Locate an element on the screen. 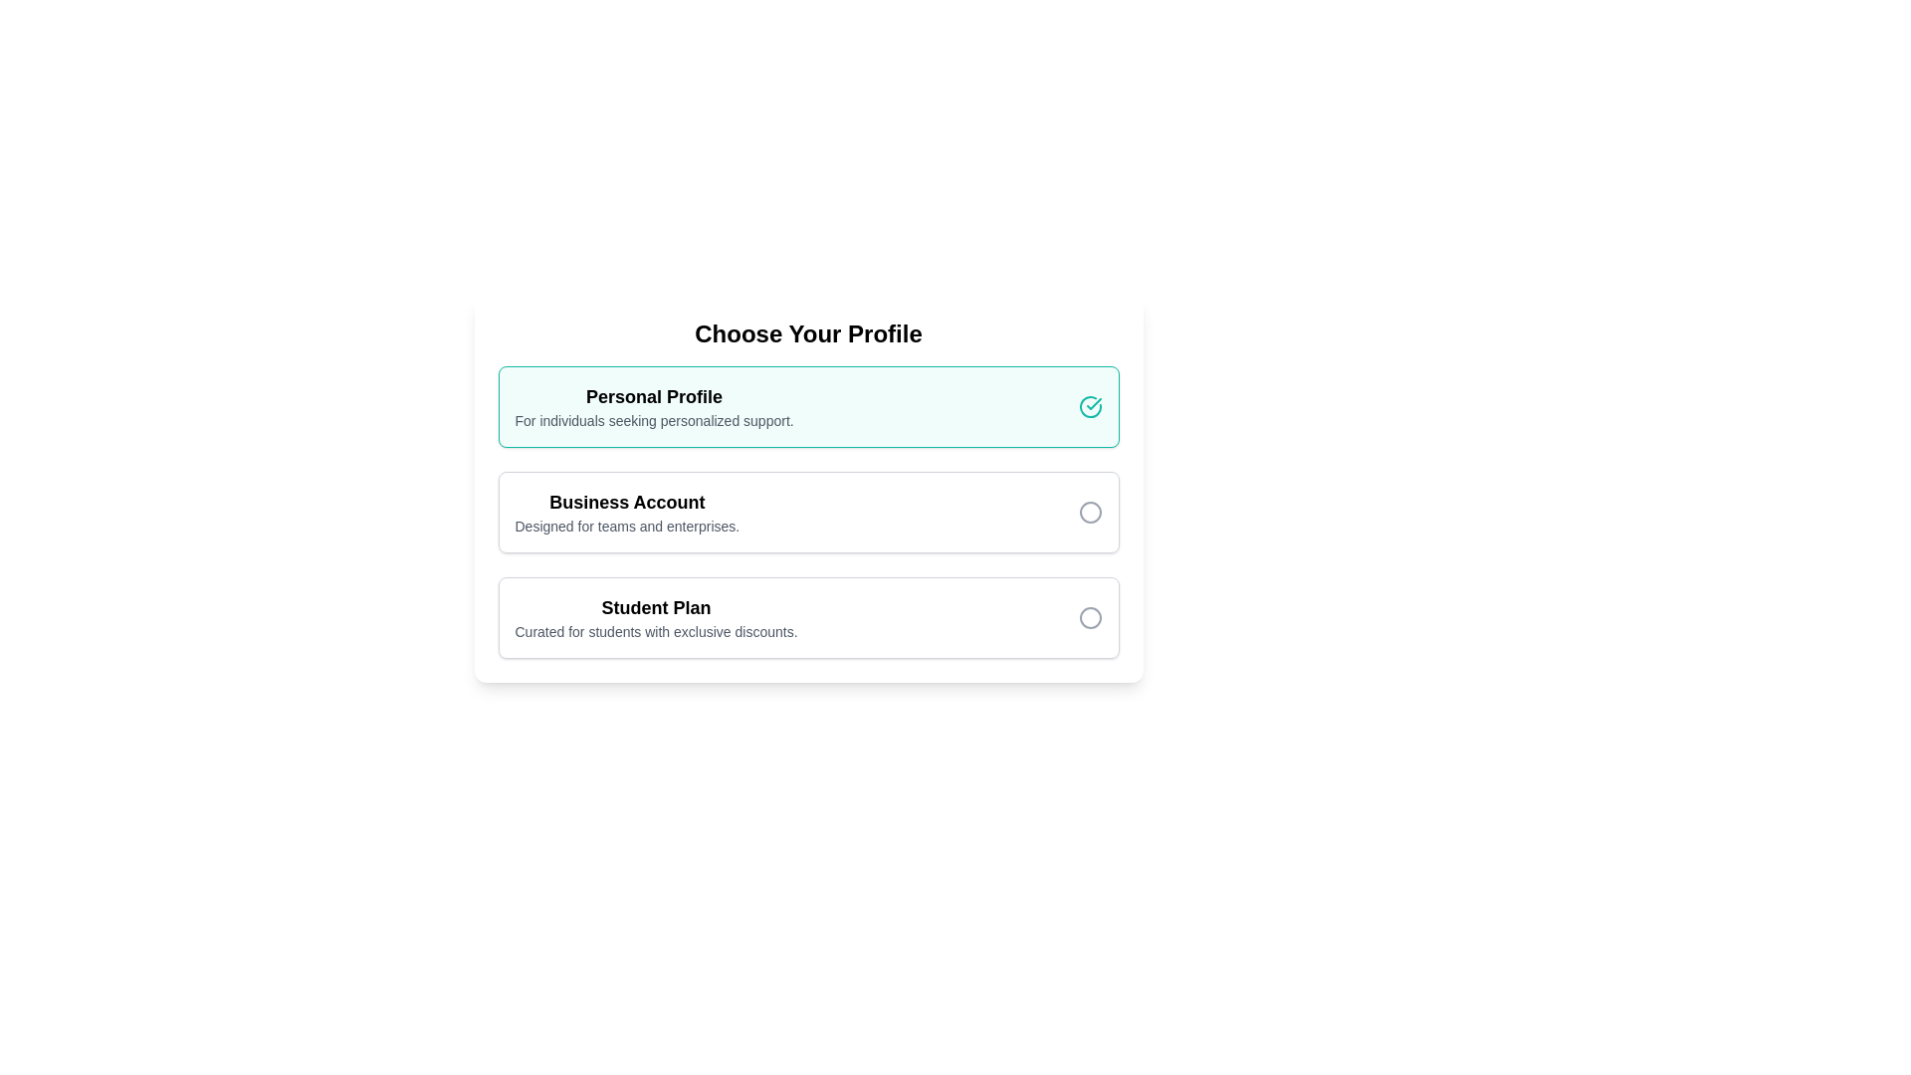  the 'Student Plan' text content within the selection options, which provides details about exclusive discounts for students is located at coordinates (656, 617).